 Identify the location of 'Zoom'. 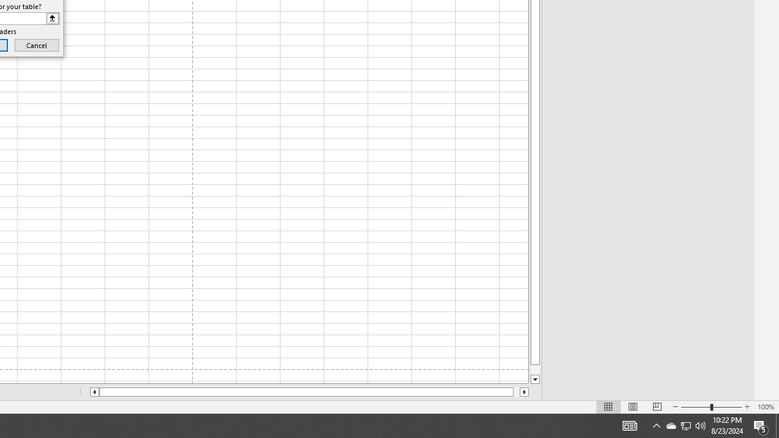
(711, 407).